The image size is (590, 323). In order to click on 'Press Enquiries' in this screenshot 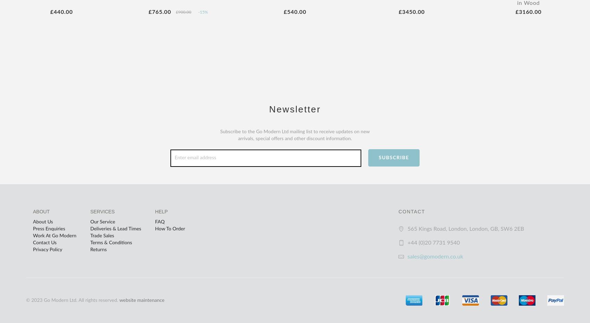, I will do `click(48, 228)`.